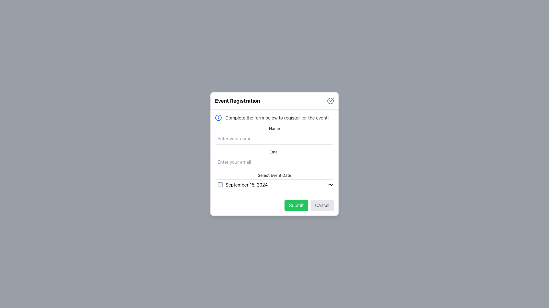  I want to click on the gray calendar icon located to the left of the date selection field in the 'Select Event Date' header, so click(220, 185).